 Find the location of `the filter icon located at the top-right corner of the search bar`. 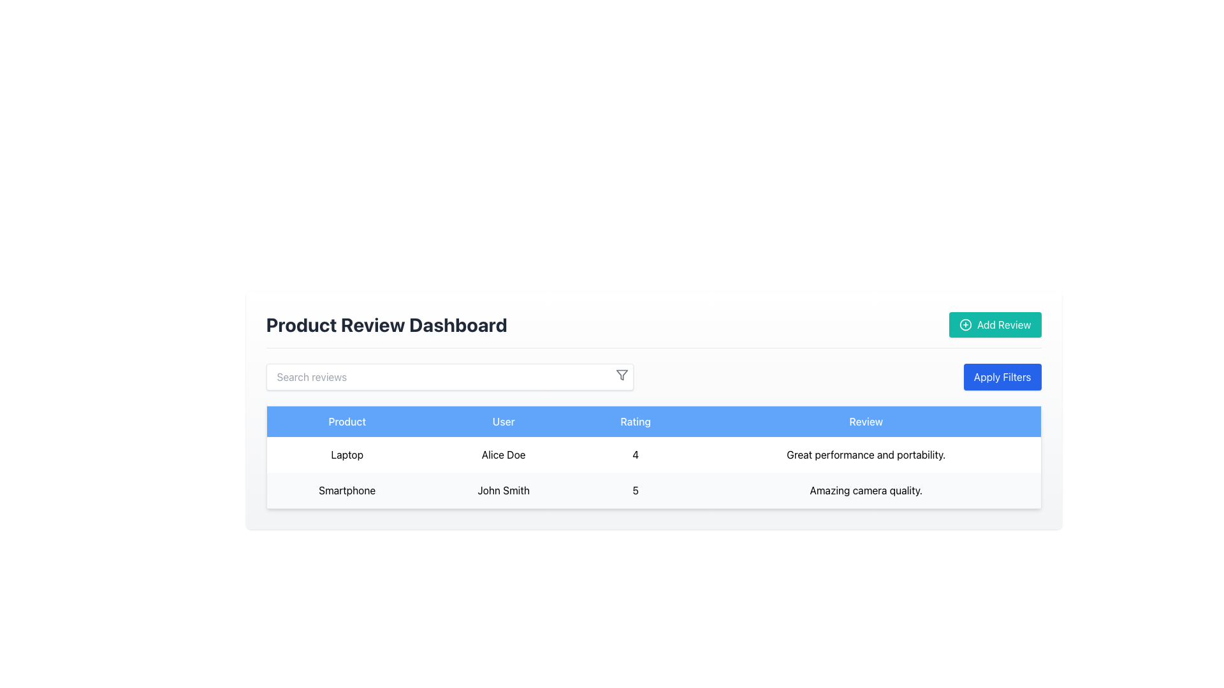

the filter icon located at the top-right corner of the search bar is located at coordinates (622, 375).